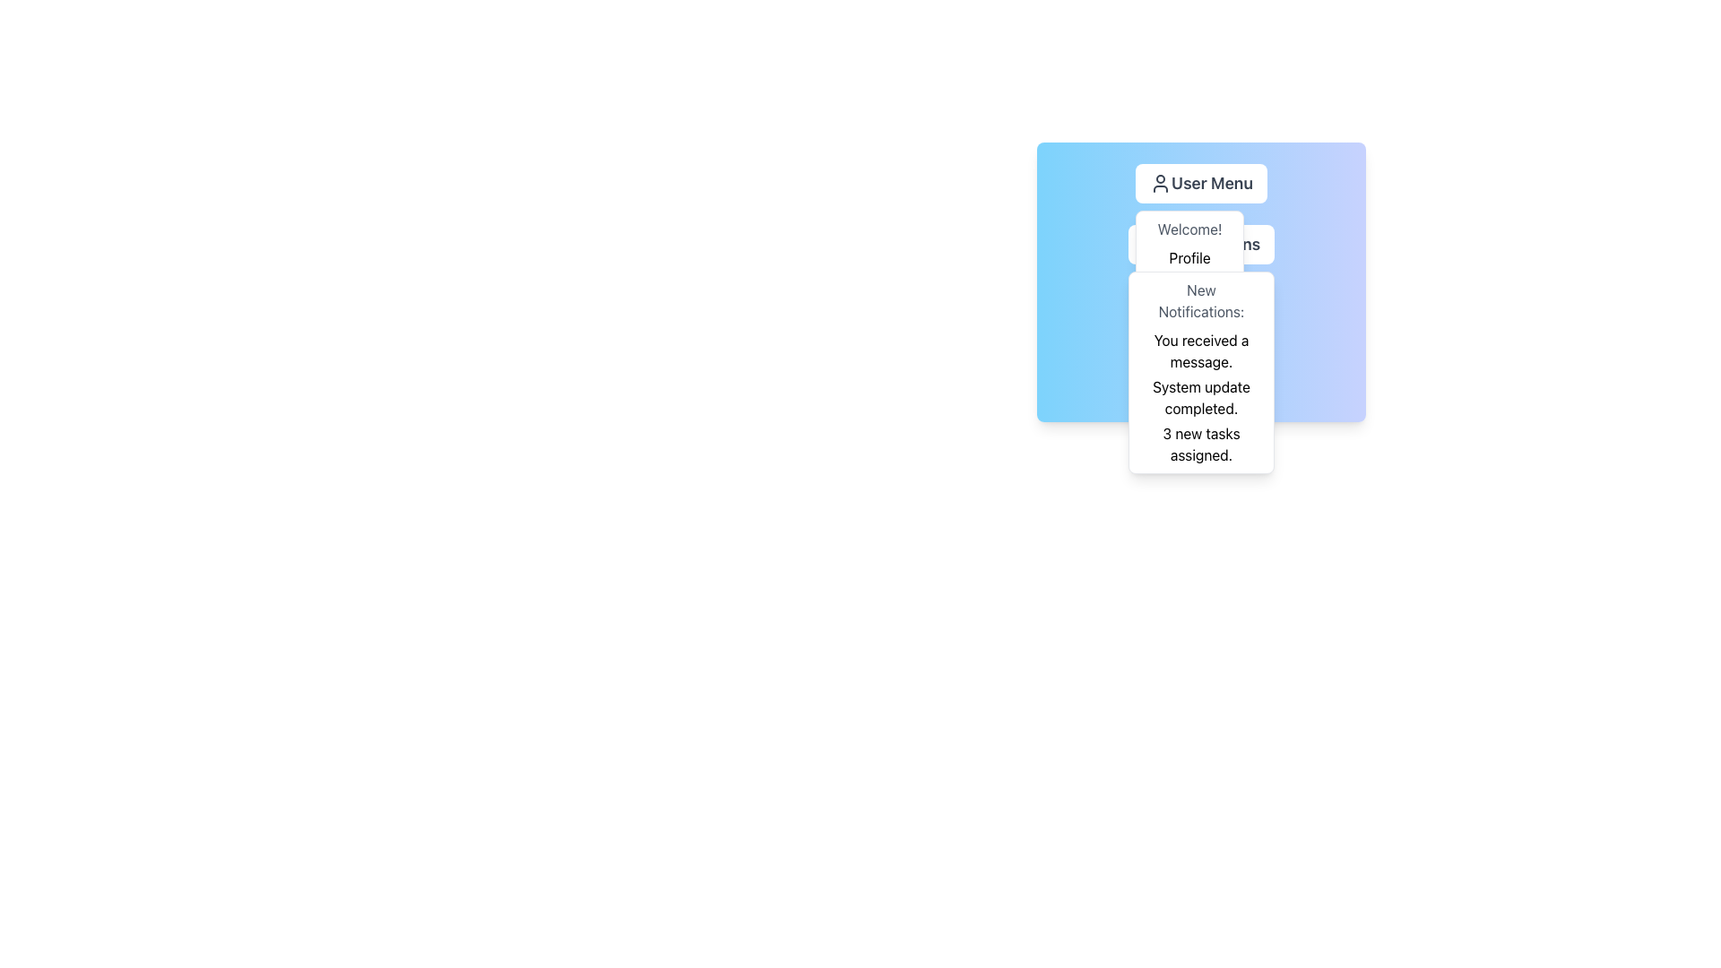 The image size is (1721, 968). What do you see at coordinates (1189, 228) in the screenshot?
I see `the 'Welcome!' text label in the dropdown menu located beneath the 'User Menu' button in the top-right corner of the interface` at bounding box center [1189, 228].